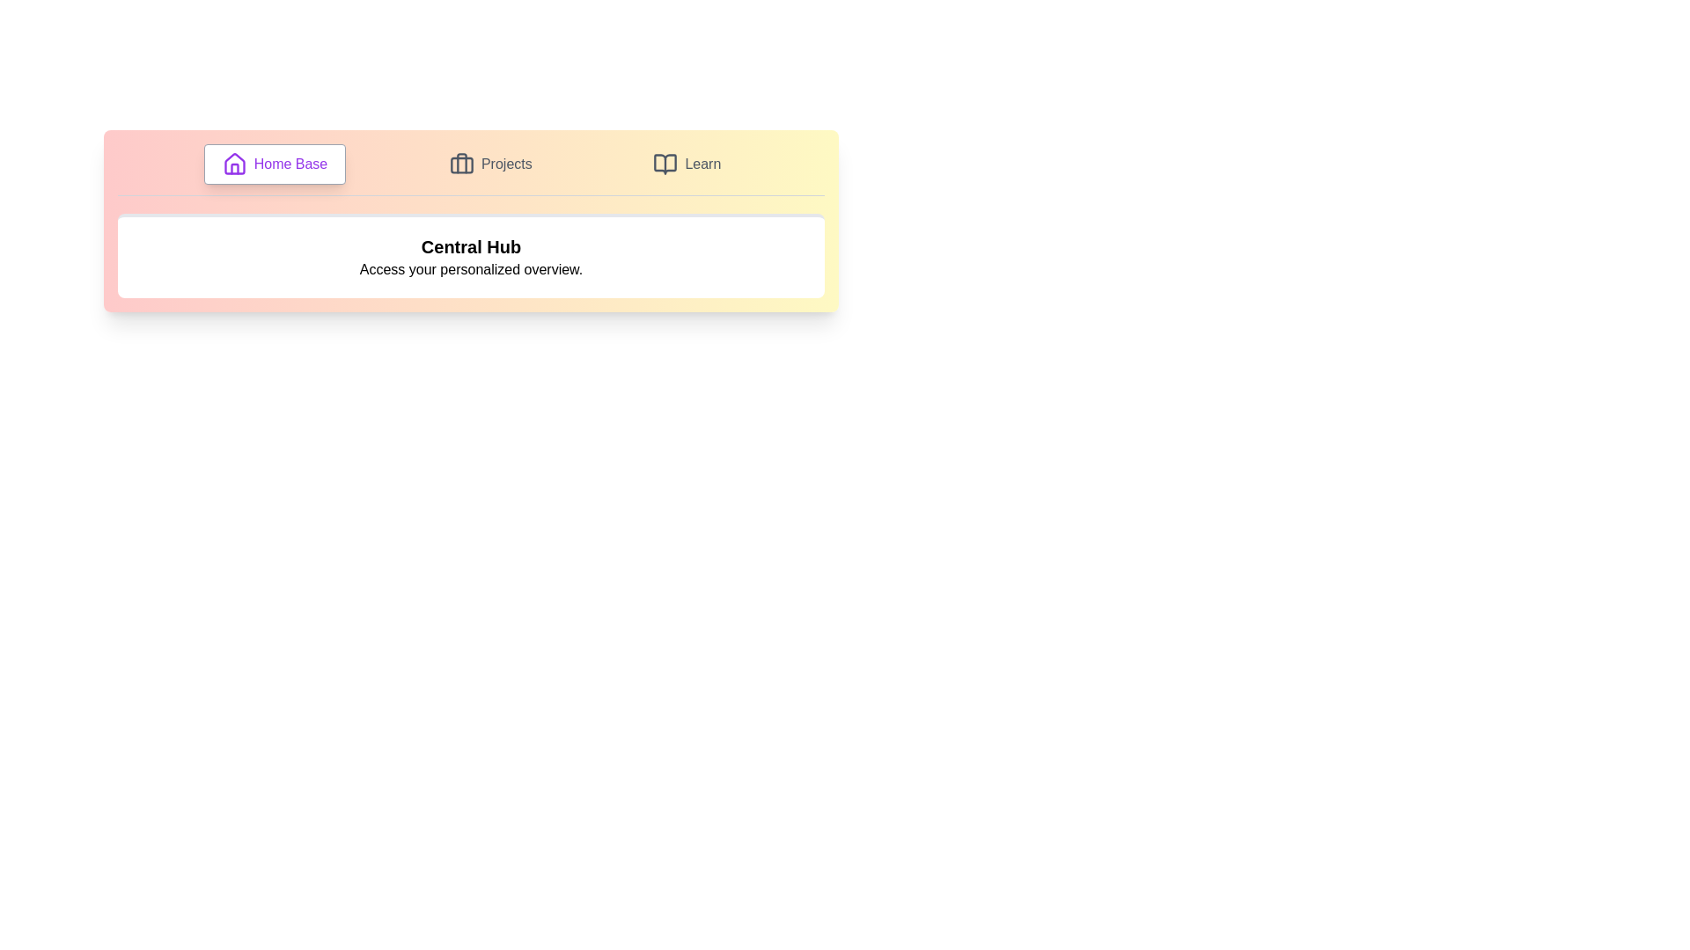 Image resolution: width=1690 pixels, height=950 pixels. I want to click on the tab labeled Home Base, so click(274, 164).